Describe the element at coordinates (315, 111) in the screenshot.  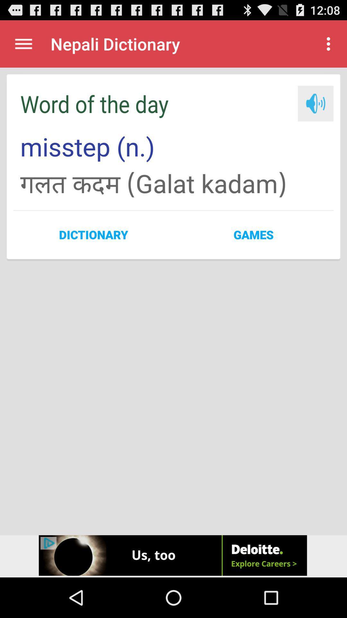
I see `the volume icon` at that location.